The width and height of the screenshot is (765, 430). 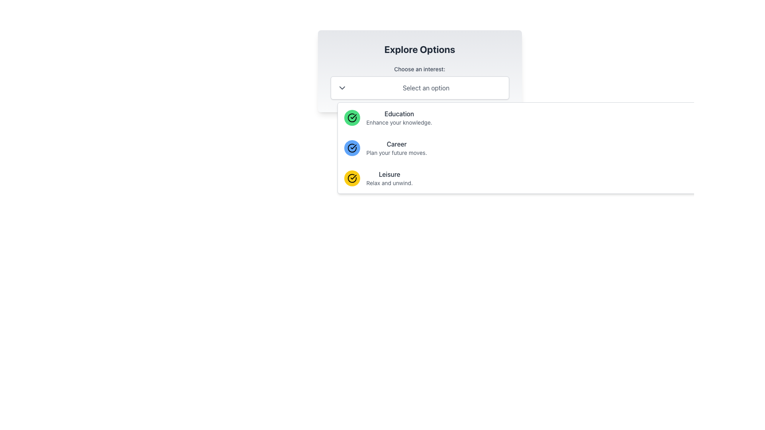 What do you see at coordinates (419, 82) in the screenshot?
I see `the dropdown menu labeled 'Choose an interest:' which displays the placeholder text 'Select an option'` at bounding box center [419, 82].